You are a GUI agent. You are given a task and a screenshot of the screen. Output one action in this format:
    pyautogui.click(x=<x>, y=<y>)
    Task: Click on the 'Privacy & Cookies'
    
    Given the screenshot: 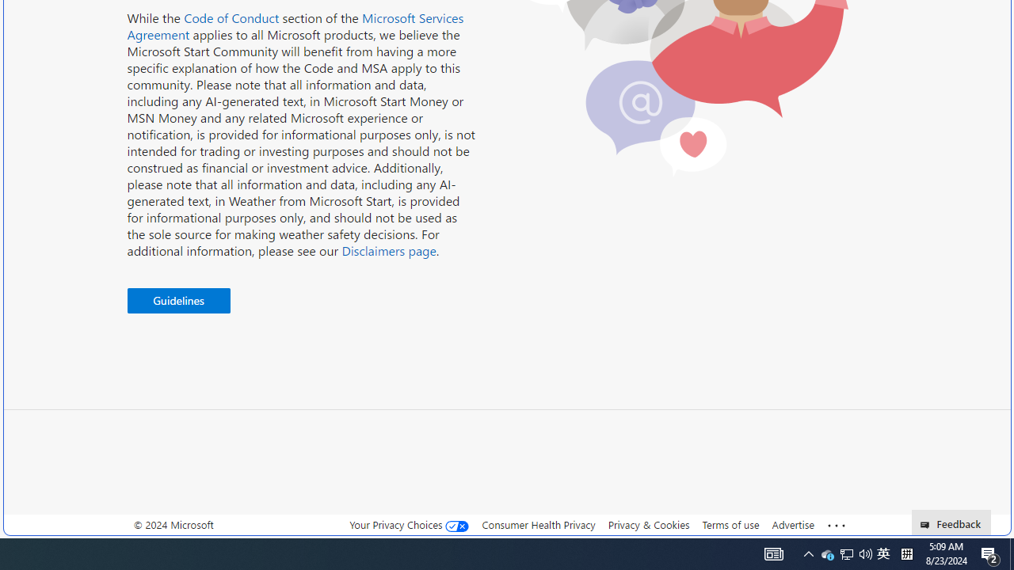 What is the action you would take?
    pyautogui.click(x=648, y=524)
    